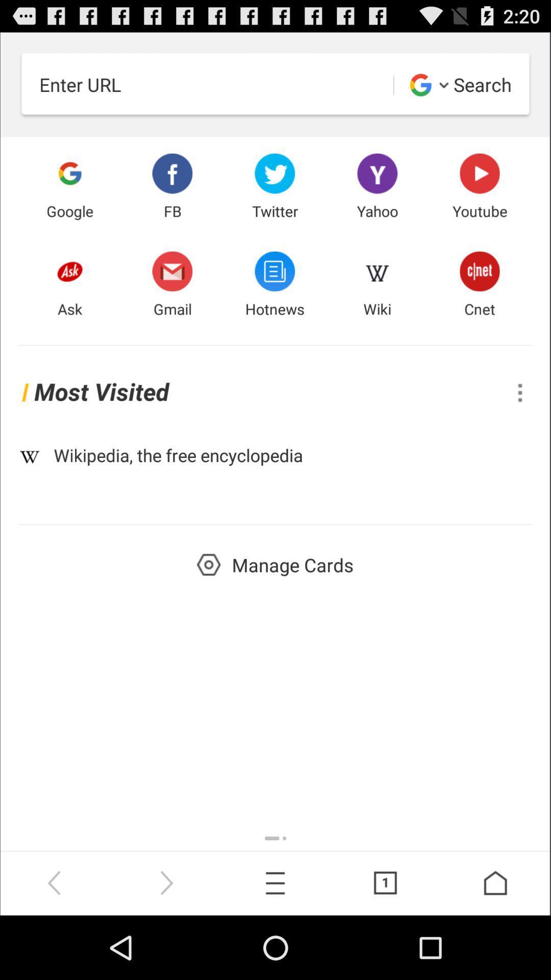 Image resolution: width=551 pixels, height=980 pixels. What do you see at coordinates (520, 420) in the screenshot?
I see `the more icon` at bounding box center [520, 420].